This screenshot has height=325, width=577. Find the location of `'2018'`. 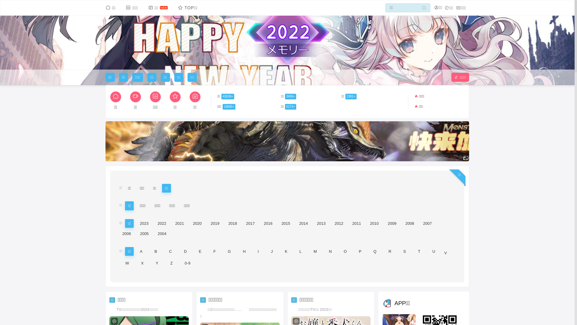

'2018' is located at coordinates (232, 223).